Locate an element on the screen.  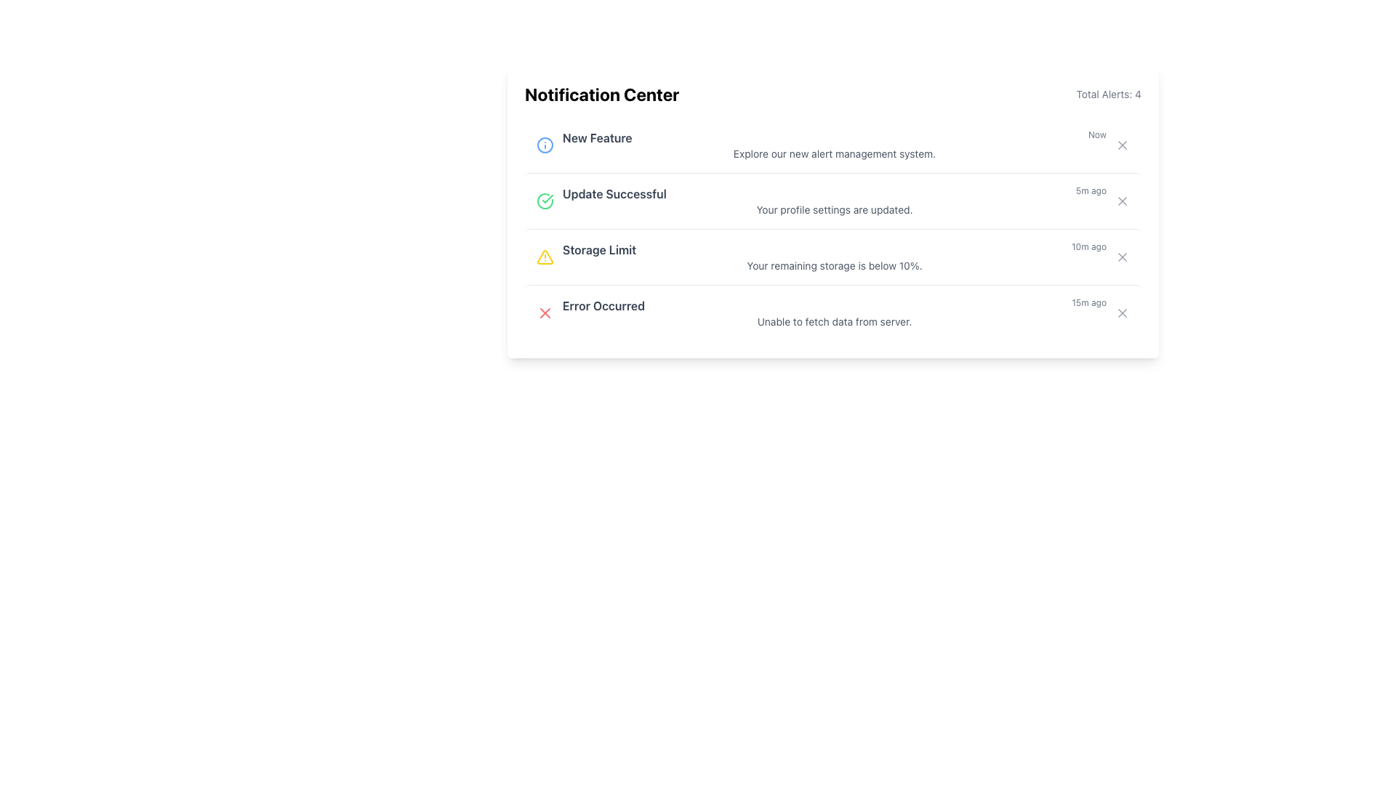
the third notification message in the notification center to interact with it, which informs the user about their storage limit being nearly full is located at coordinates (834, 257).